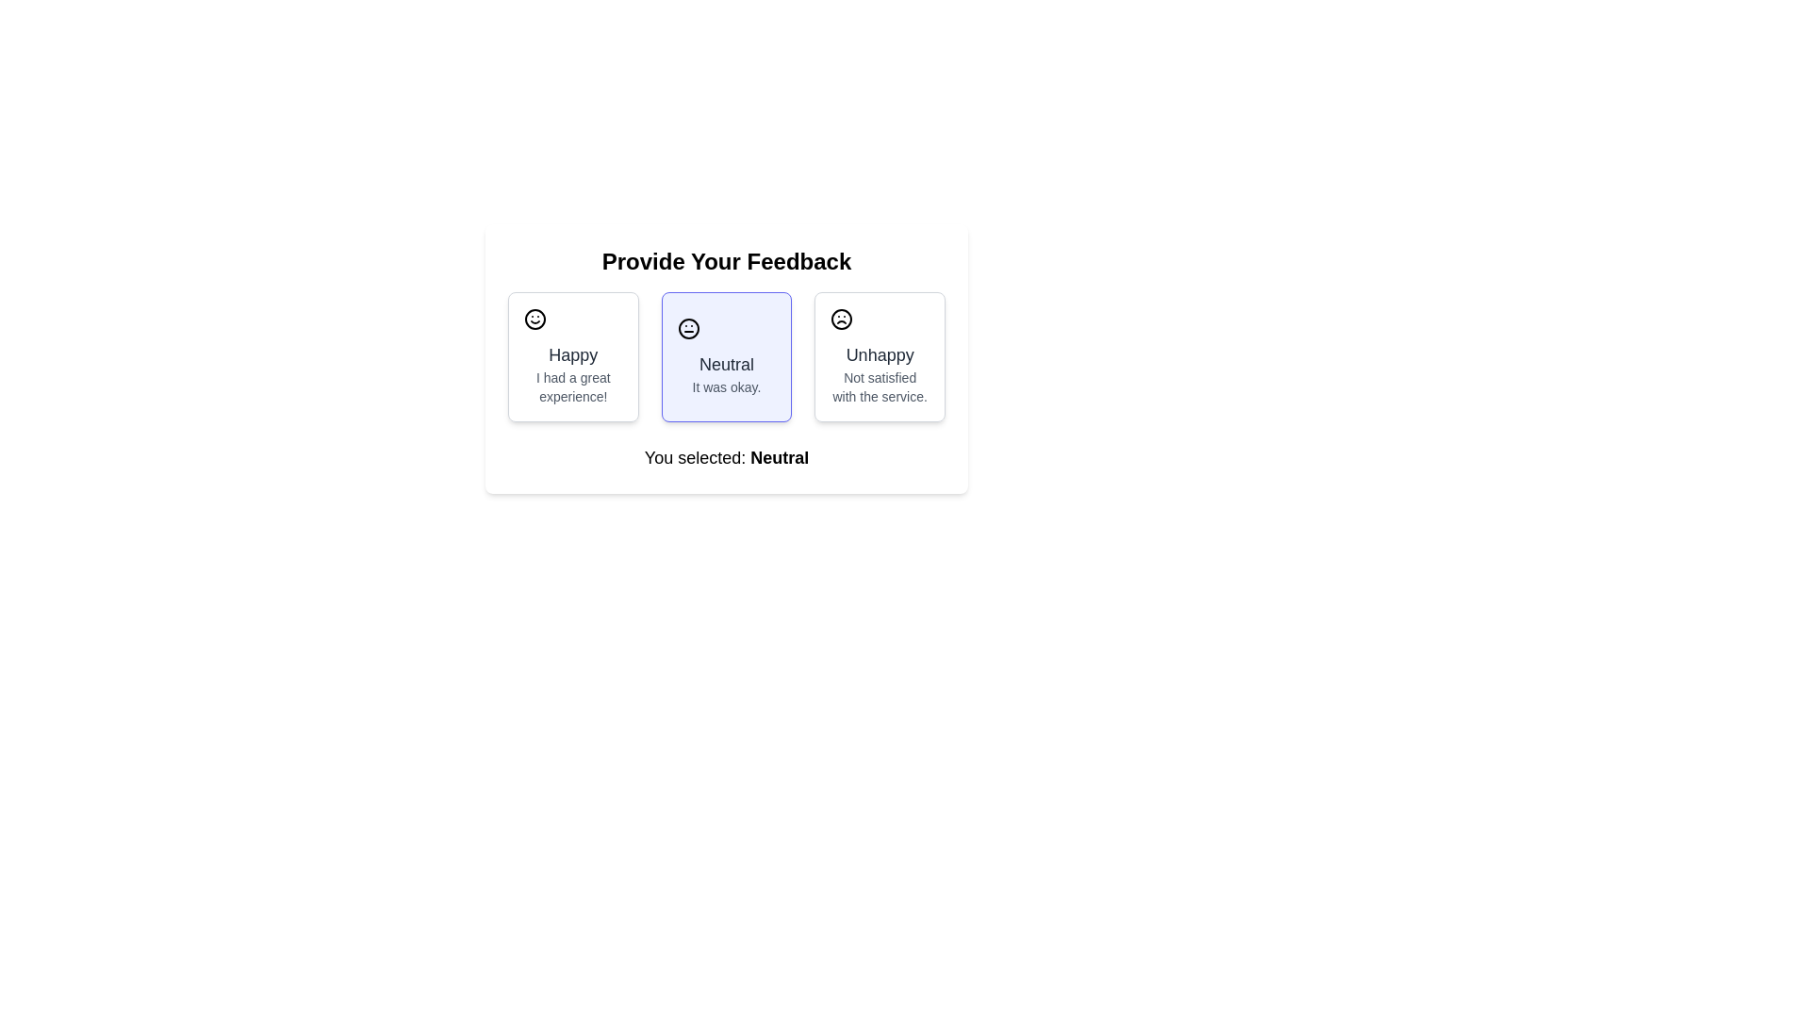 Image resolution: width=1810 pixels, height=1018 pixels. Describe the element at coordinates (879, 356) in the screenshot. I see `the 'Unhappy' feedback card, which features a frowning face icon and the subtitle 'Not satisfied with the service.' This card is the third option in a horizontal layout of feedback cards` at that location.